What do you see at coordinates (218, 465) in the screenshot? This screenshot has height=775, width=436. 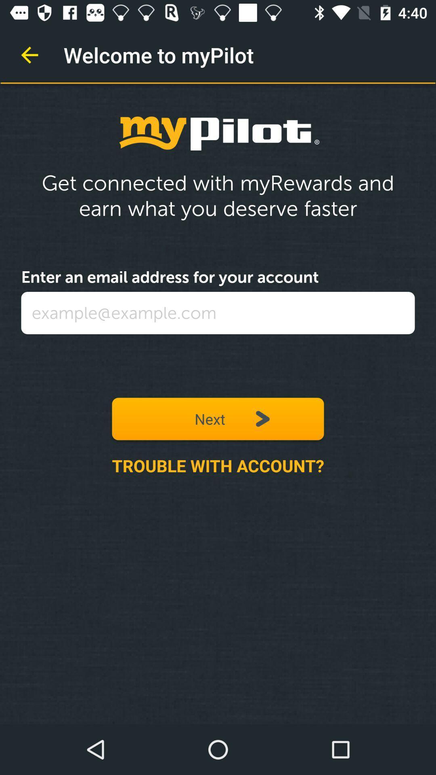 I see `the trouble with account?` at bounding box center [218, 465].